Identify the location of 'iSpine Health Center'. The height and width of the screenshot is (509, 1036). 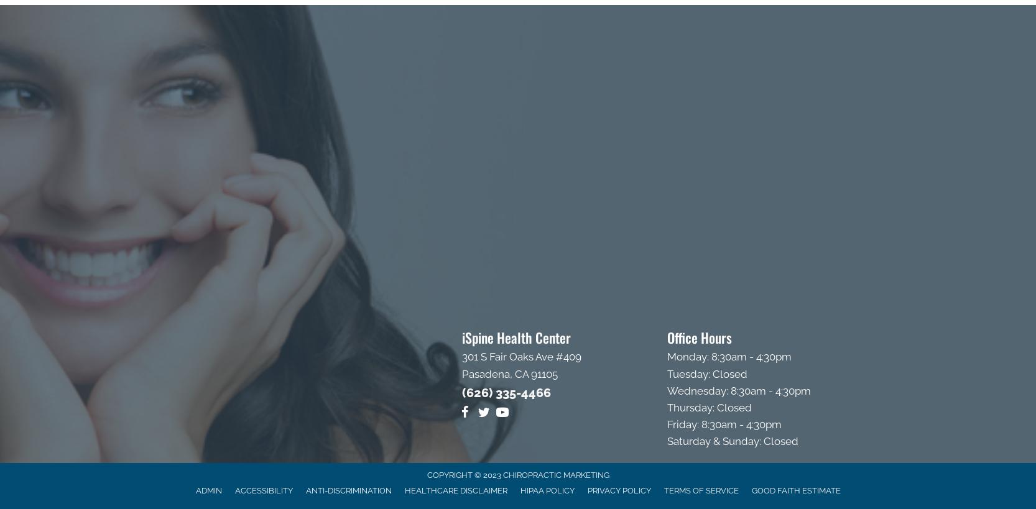
(462, 337).